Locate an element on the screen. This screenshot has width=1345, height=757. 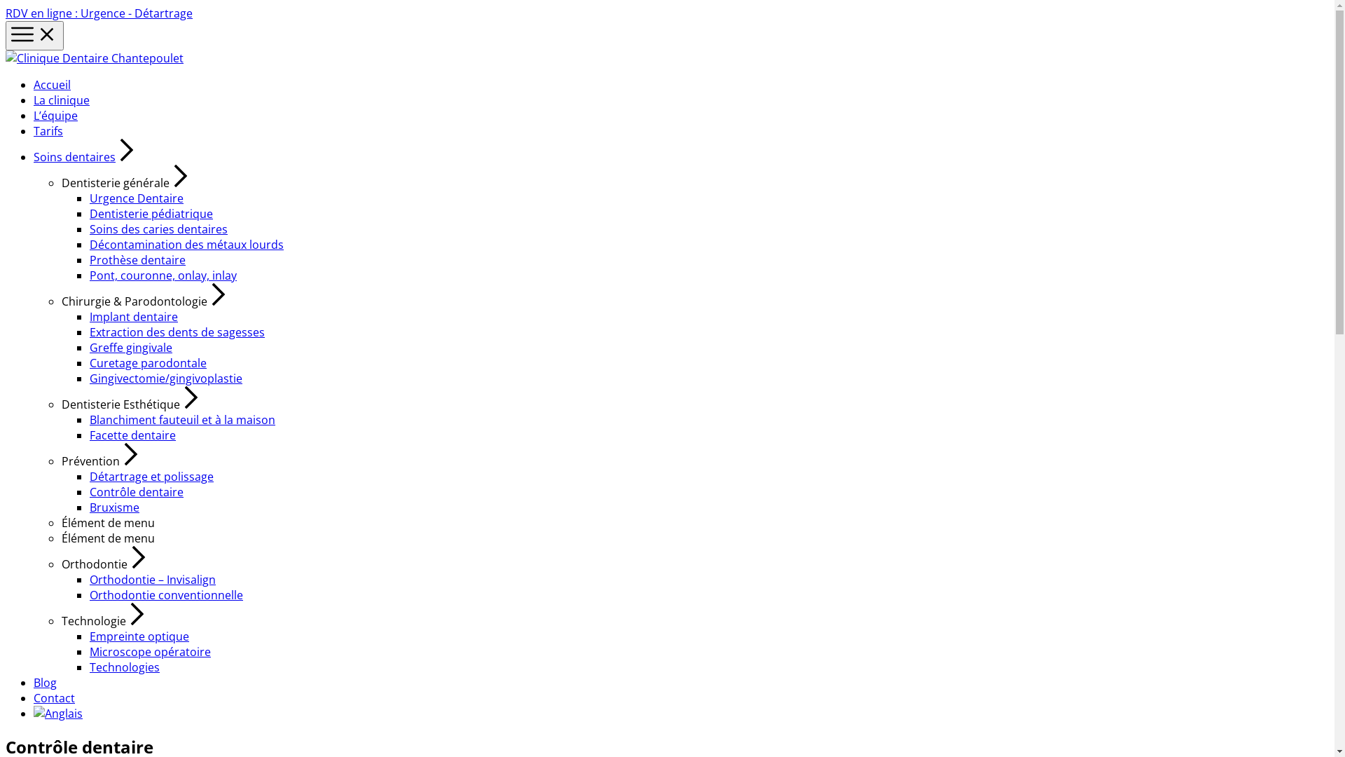
'Urgence Dentaire' is located at coordinates (89, 198).